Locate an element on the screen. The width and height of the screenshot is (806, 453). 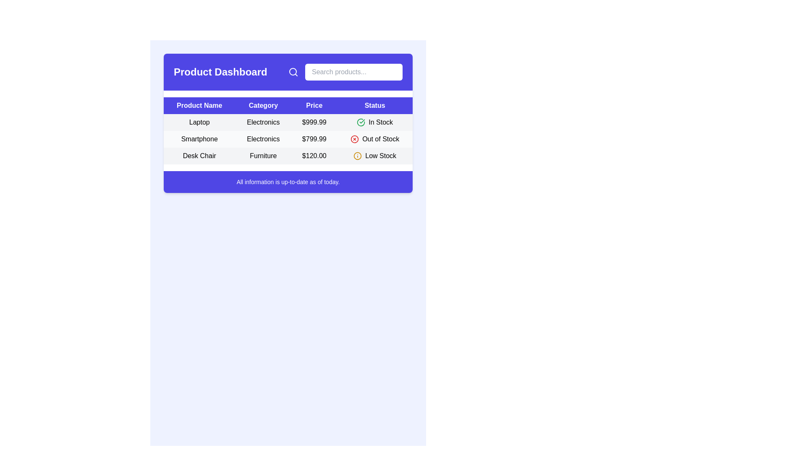
the second row of the table containing the product 'Smartphone', which provides details about its category, price, and stock status is located at coordinates (288, 138).